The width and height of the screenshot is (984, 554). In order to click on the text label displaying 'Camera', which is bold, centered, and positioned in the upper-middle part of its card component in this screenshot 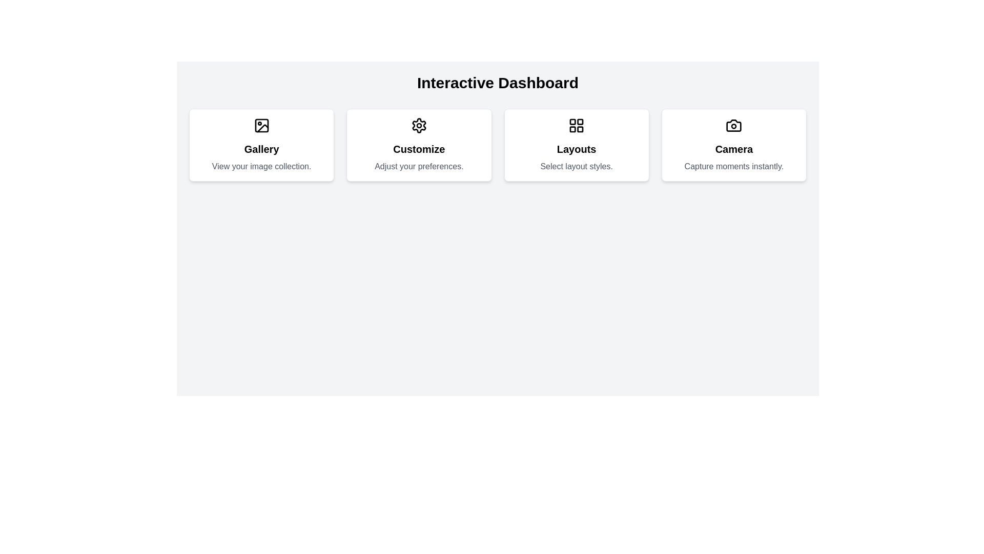, I will do `click(733, 149)`.